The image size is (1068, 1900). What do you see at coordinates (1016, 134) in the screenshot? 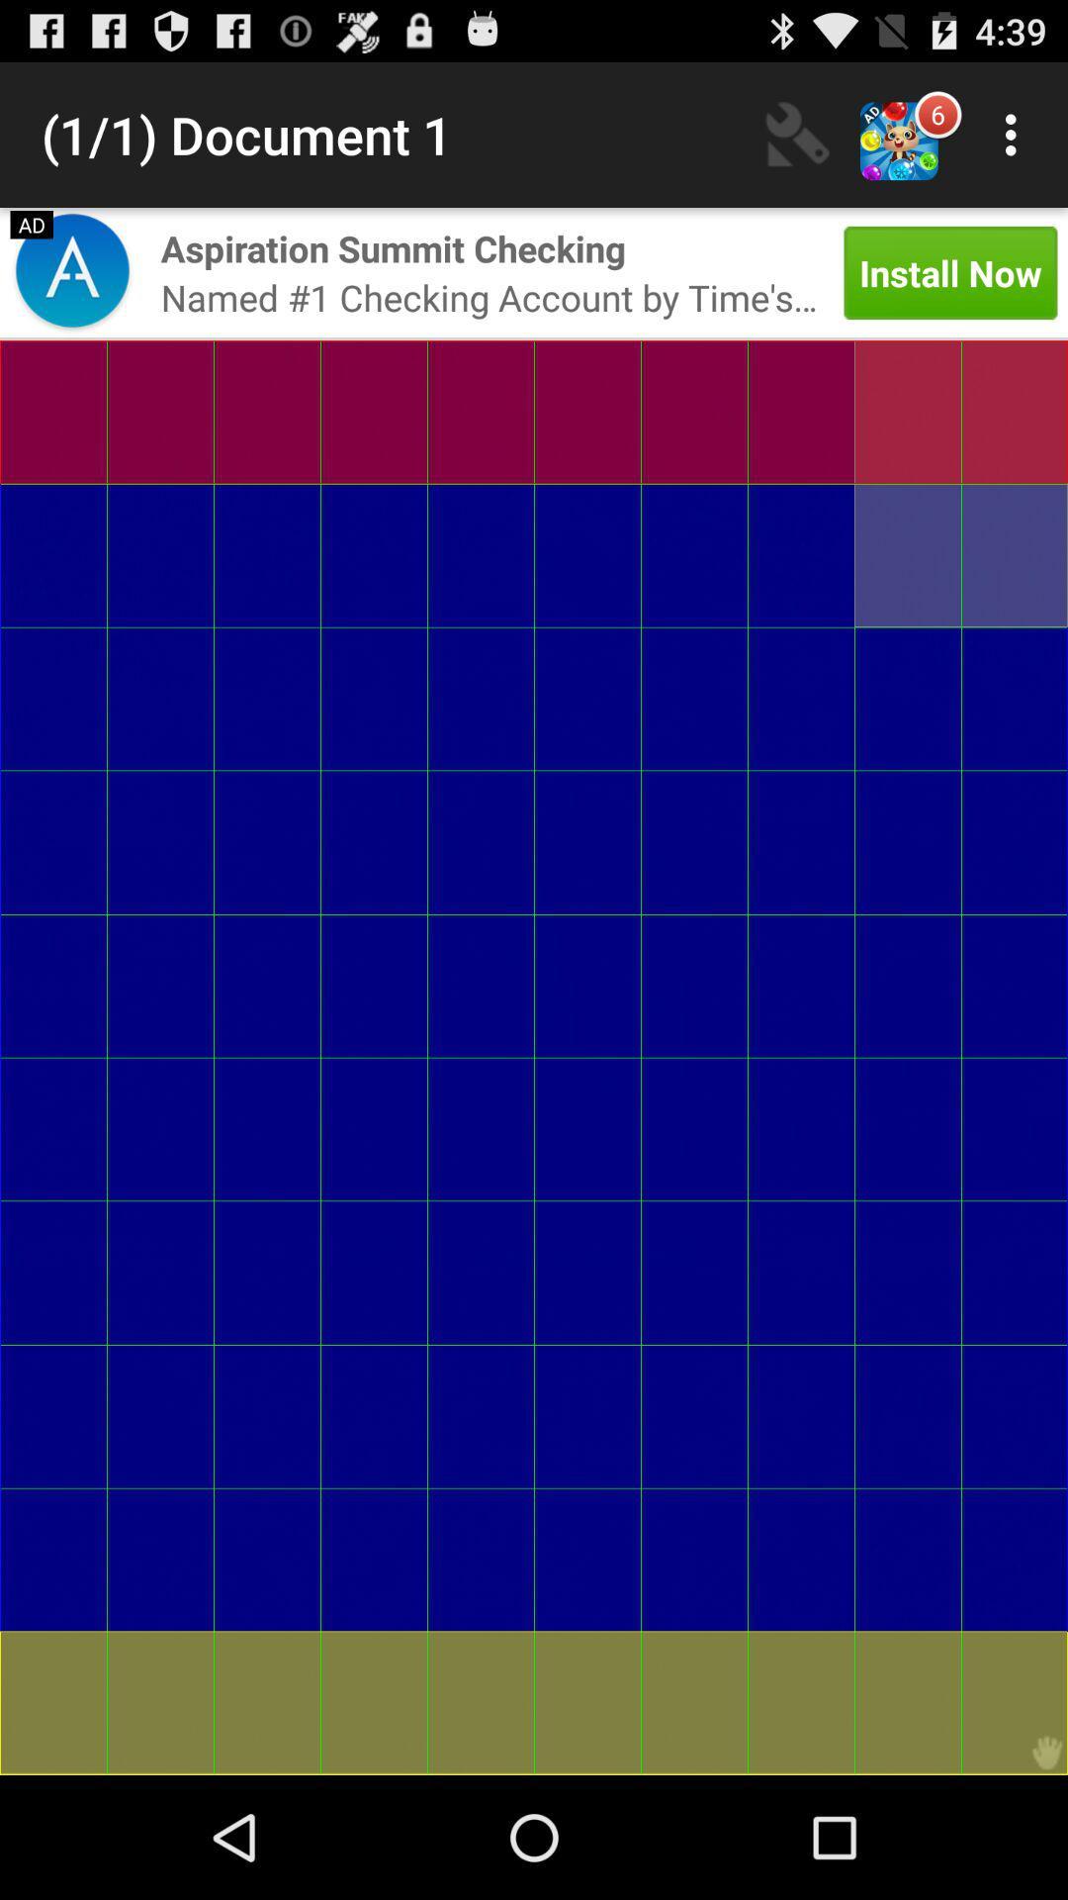
I see `icon next to the 6` at bounding box center [1016, 134].